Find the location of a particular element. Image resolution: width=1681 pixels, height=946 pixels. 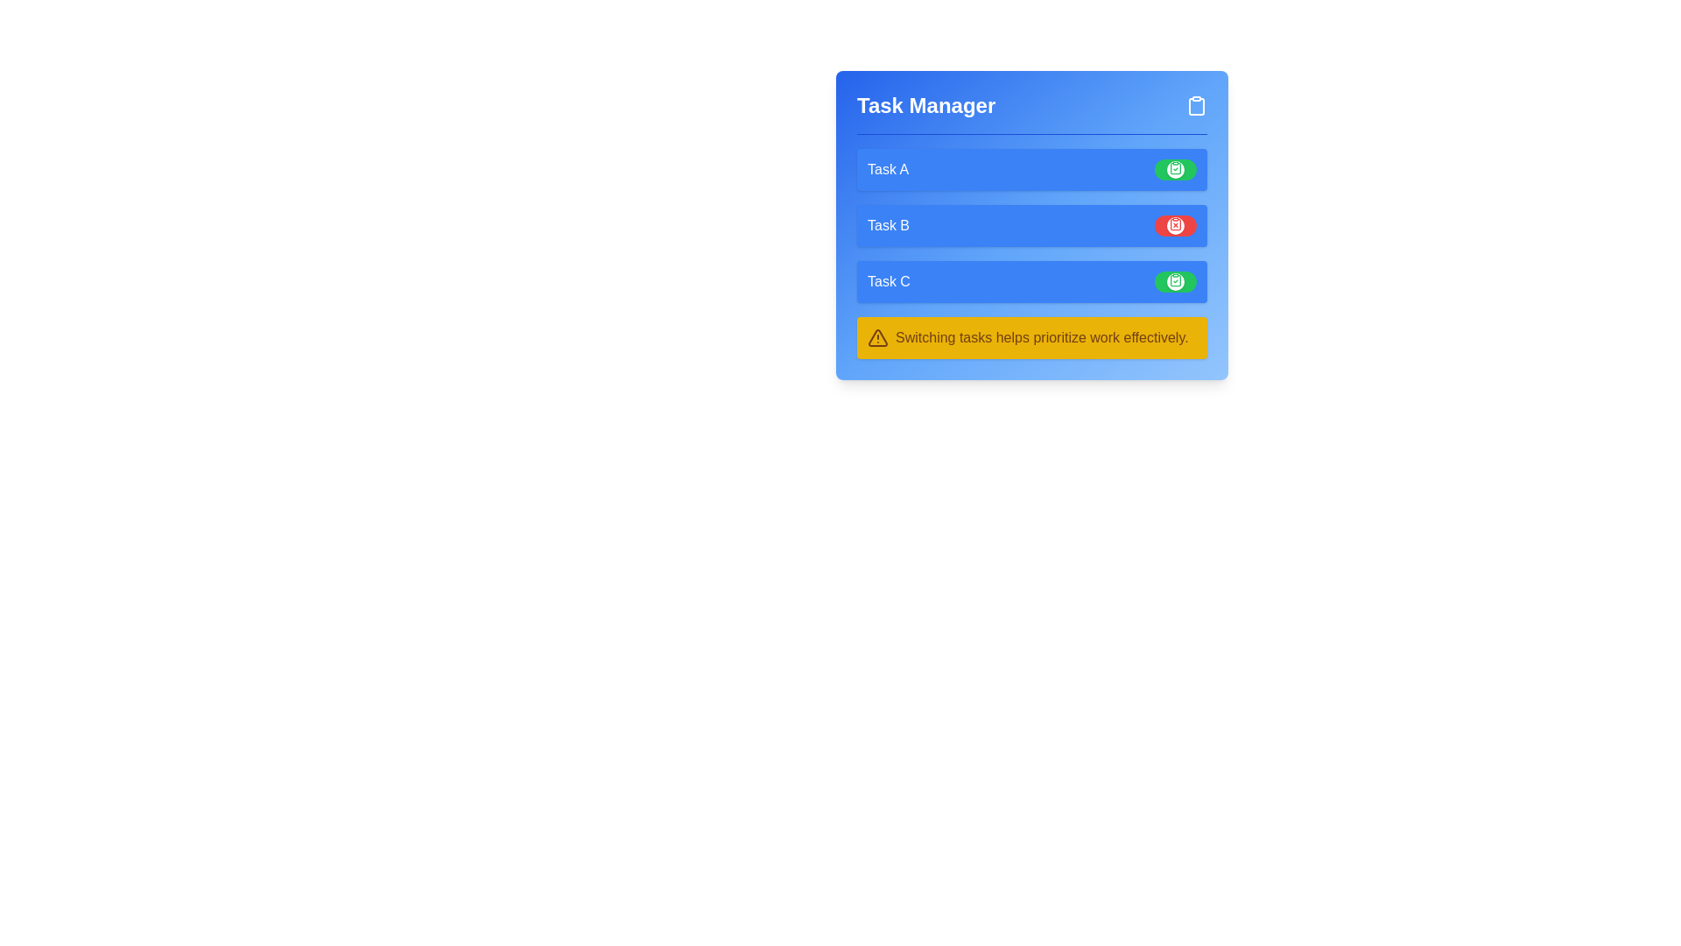

the Task interface item labeled 'Task A' with an active toggle control for more details is located at coordinates (1032, 169).